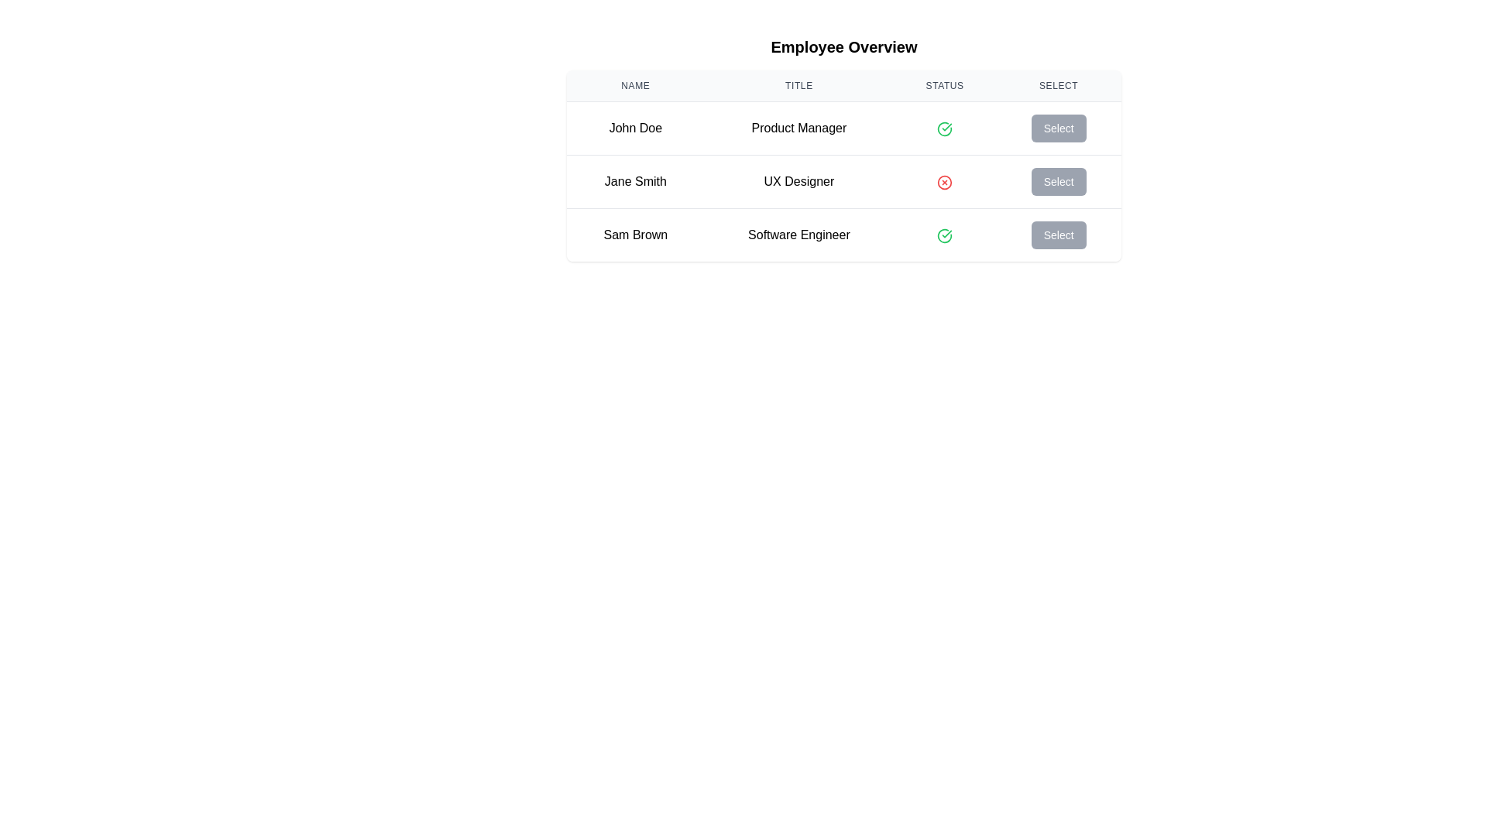 The image size is (1487, 836). Describe the element at coordinates (944, 127) in the screenshot. I see `the status icon in the third column of the first row in the 'STATUS' column of the table, which indicates a successful status` at that location.